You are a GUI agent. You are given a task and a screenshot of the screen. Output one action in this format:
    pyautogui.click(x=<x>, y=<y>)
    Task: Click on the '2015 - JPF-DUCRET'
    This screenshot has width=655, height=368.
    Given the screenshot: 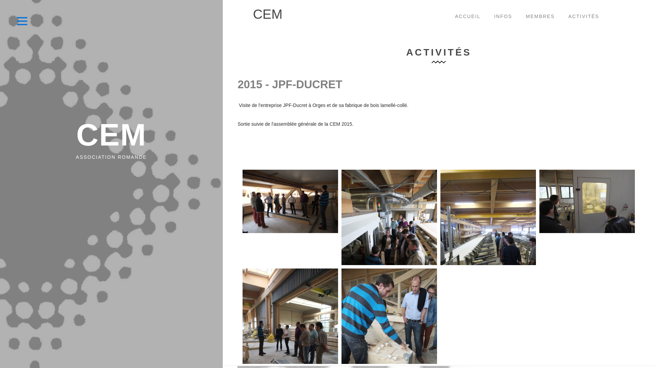 What is the action you would take?
    pyautogui.click(x=290, y=84)
    